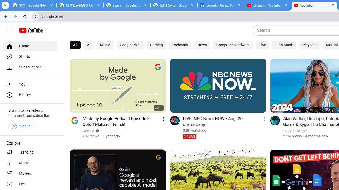  Describe the element at coordinates (30, 153) in the screenshot. I see `'Trending'` at that location.